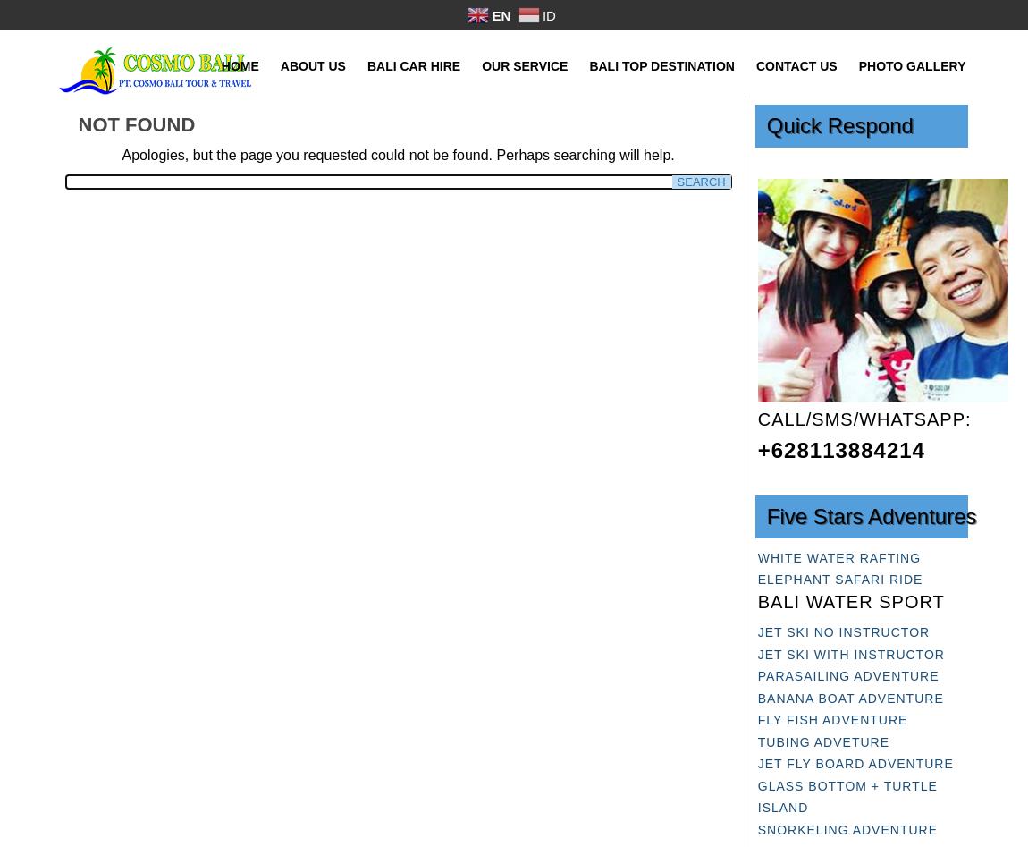 The height and width of the screenshot is (847, 1028). I want to click on 'Call/SMS/WhatsApp:', so click(864, 419).